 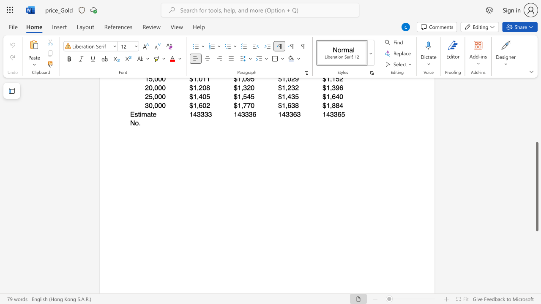 I want to click on the scrollbar to scroll upward, so click(x=536, y=96).